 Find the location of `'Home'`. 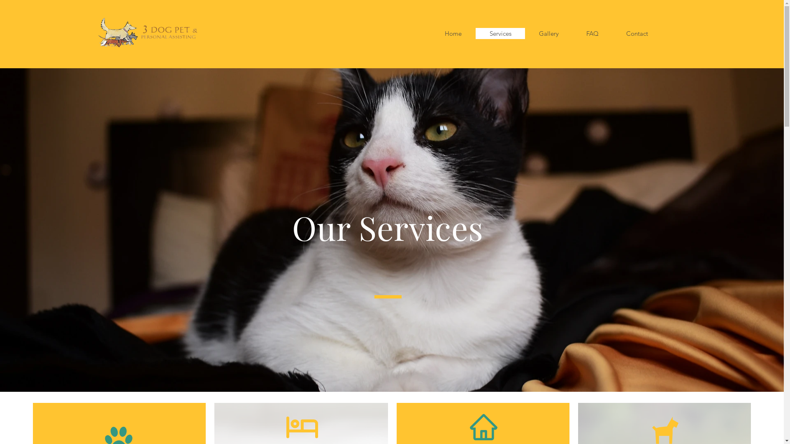

'Home' is located at coordinates (453, 33).